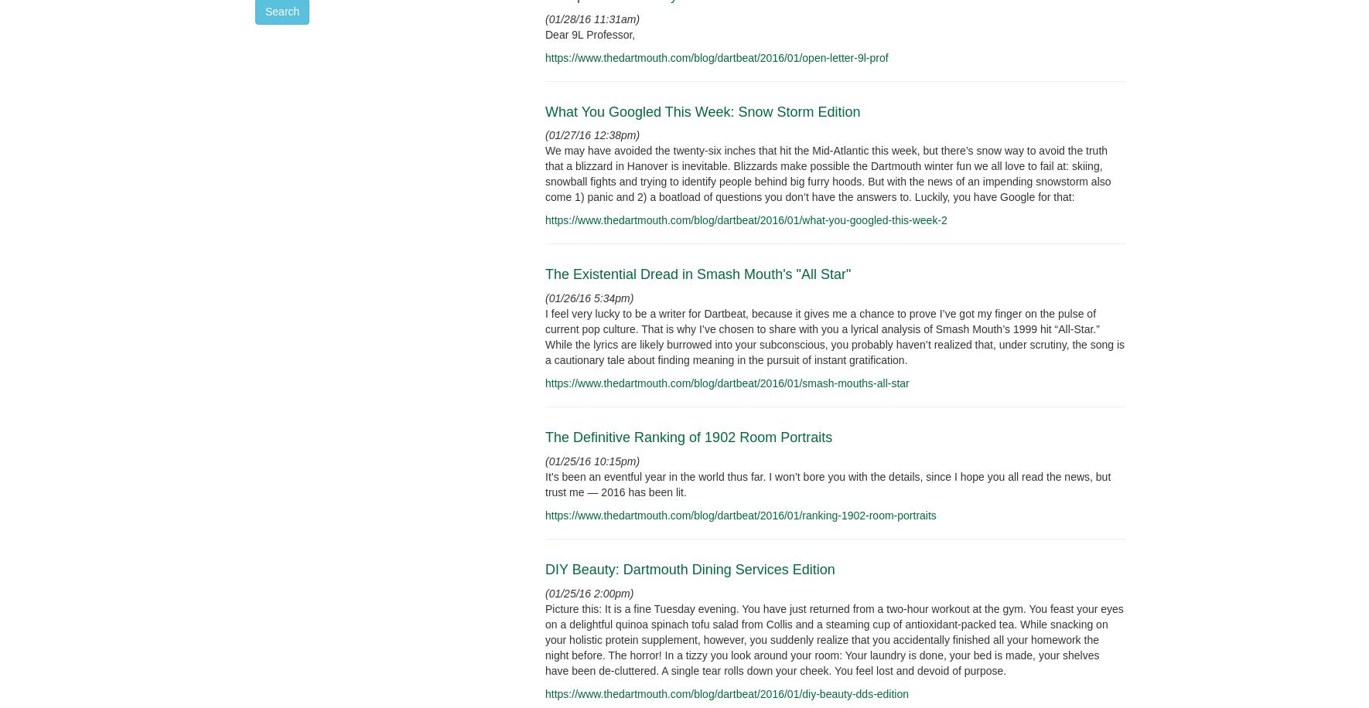 Image resolution: width=1369 pixels, height=708 pixels. Describe the element at coordinates (592, 461) in the screenshot. I see `'(01/25/16 10:15pm)'` at that location.